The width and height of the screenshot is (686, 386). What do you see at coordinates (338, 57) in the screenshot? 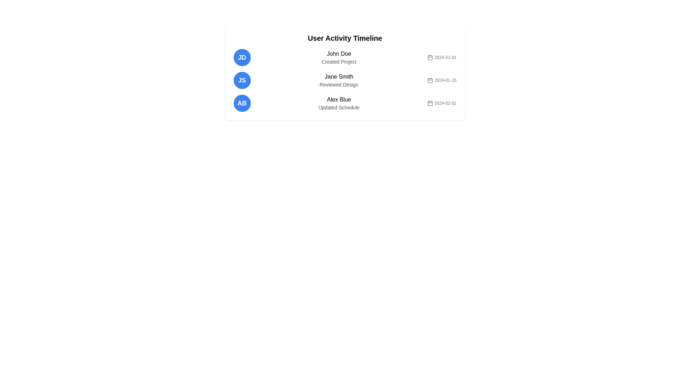
I see `the text label indicating that user 'John Doe' performed the action 'Created Project', which is the first entry in the timeline next to the blue circular avatar with initials 'JD'` at bounding box center [338, 57].